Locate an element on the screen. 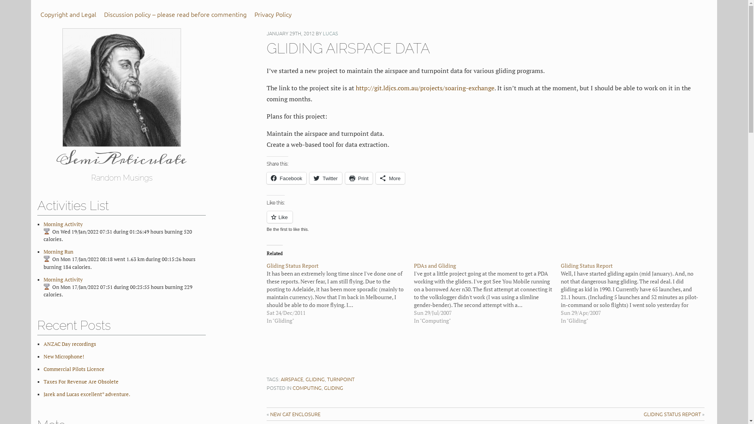  'Twitter' is located at coordinates (326, 178).